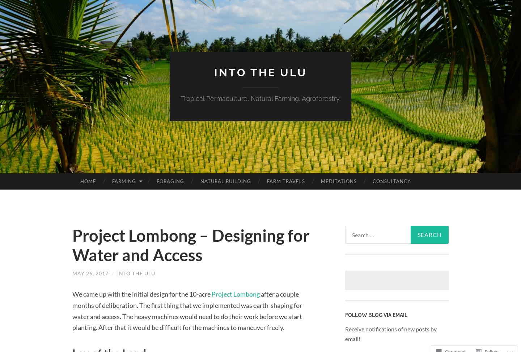  What do you see at coordinates (376, 315) in the screenshot?
I see `'Follow Blog via Email'` at bounding box center [376, 315].